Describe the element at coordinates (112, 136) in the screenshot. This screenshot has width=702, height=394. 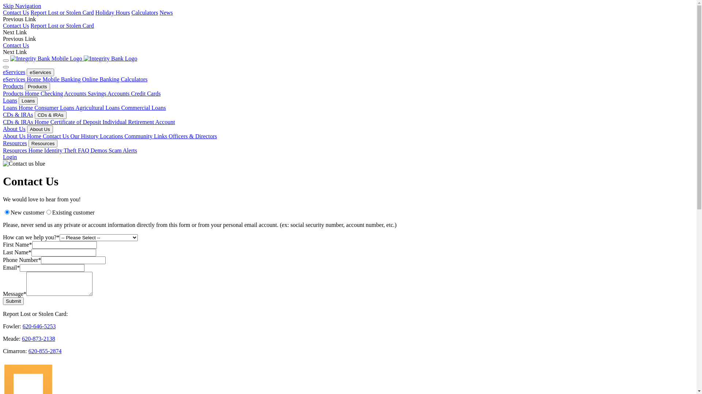
I see `'Locations'` at that location.